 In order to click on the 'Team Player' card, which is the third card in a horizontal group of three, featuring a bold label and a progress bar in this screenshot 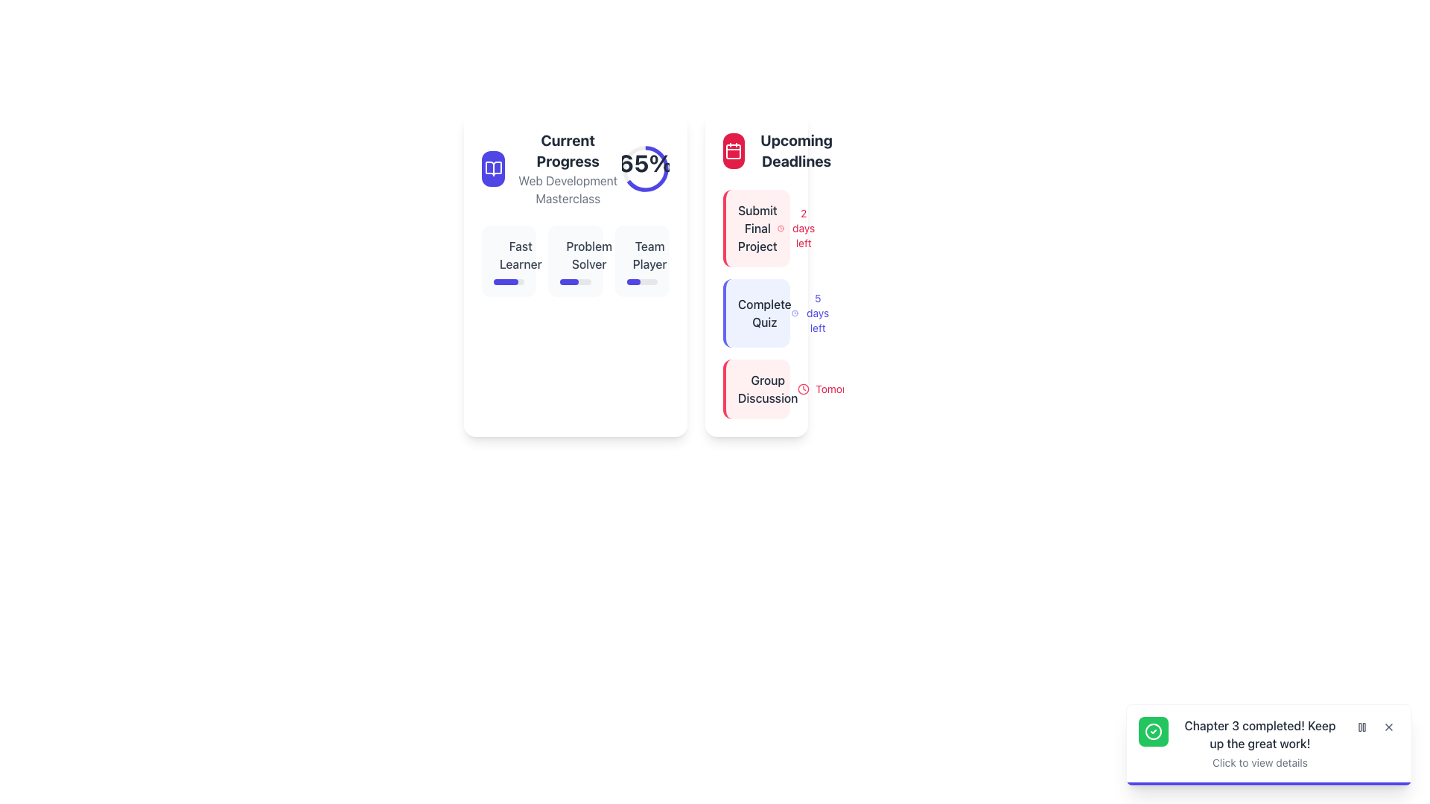, I will do `click(642, 261)`.